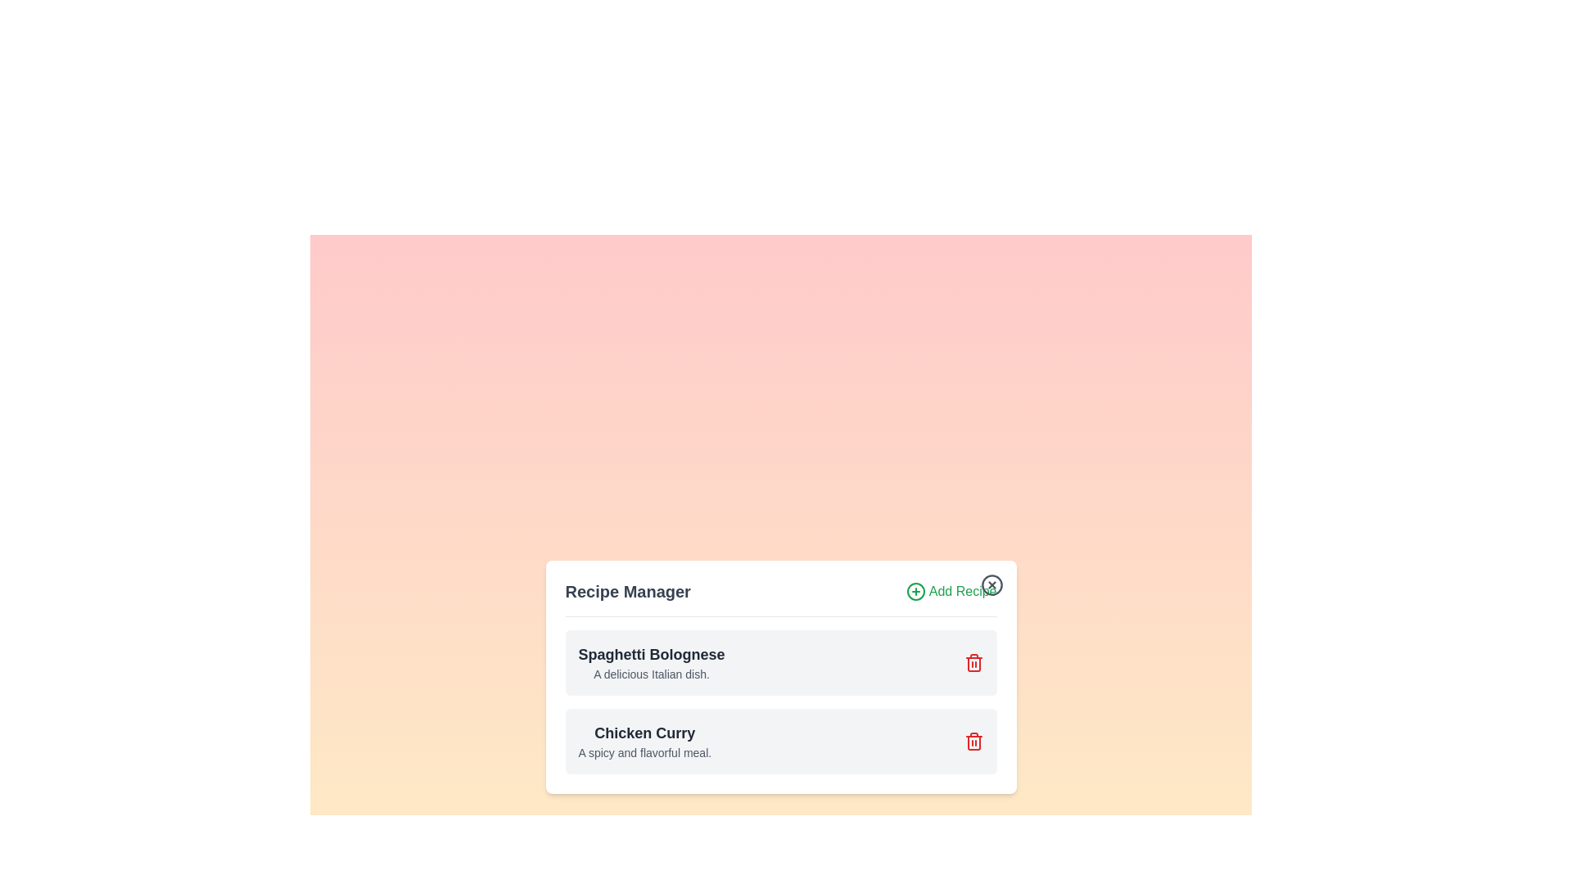  Describe the element at coordinates (991, 584) in the screenshot. I see `the close button located in the top-right corner of the modal` at that location.